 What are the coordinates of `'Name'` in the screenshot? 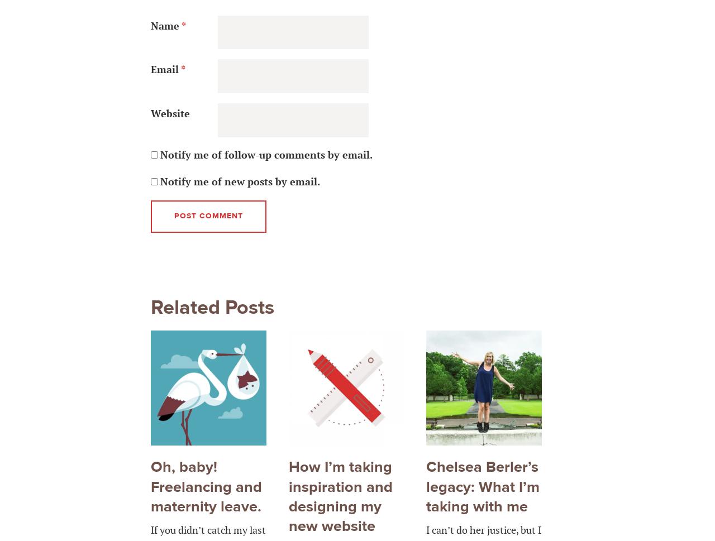 It's located at (165, 25).